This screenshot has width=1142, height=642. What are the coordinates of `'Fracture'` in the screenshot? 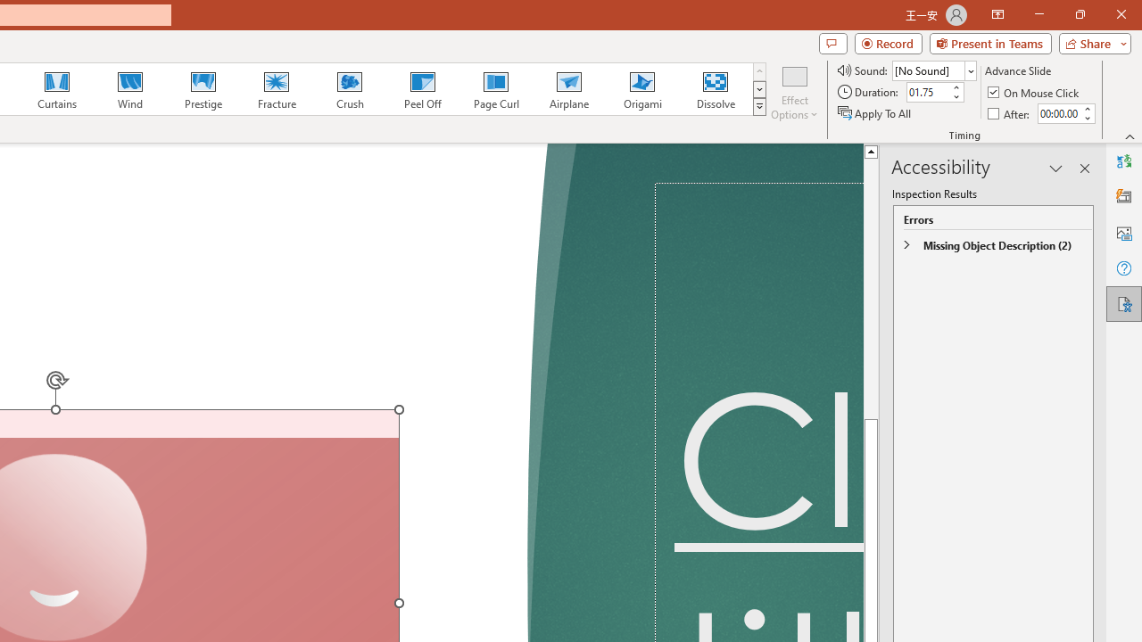 It's located at (275, 89).